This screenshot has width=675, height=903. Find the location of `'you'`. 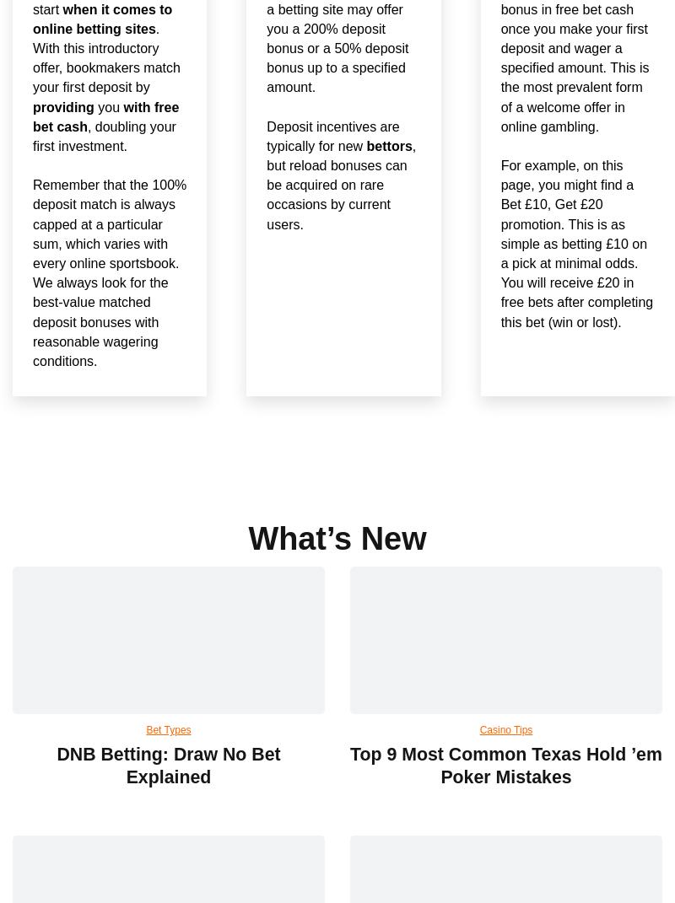

'you' is located at coordinates (107, 106).